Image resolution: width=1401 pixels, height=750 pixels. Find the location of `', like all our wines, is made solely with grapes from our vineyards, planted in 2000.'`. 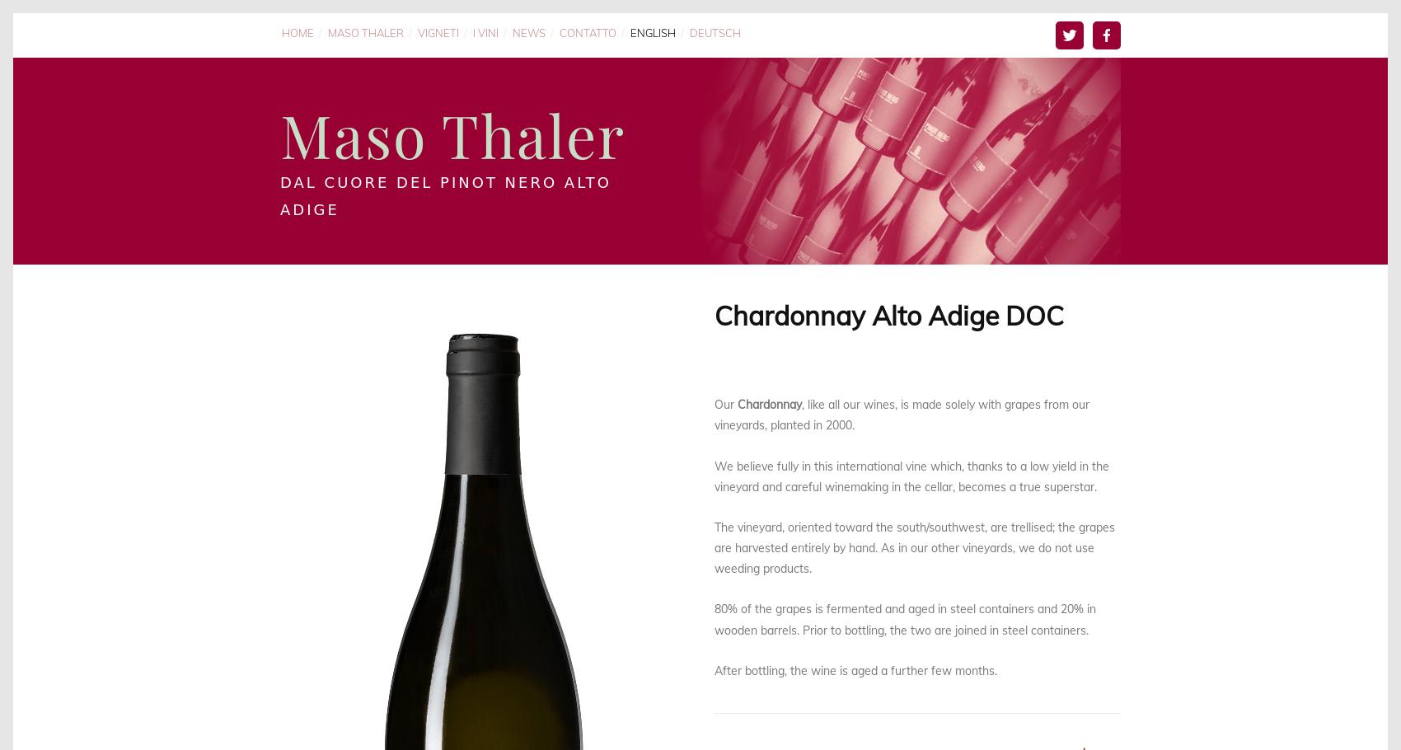

', like all our wines, is made solely with grapes from our vineyards, planted in 2000.' is located at coordinates (903, 415).